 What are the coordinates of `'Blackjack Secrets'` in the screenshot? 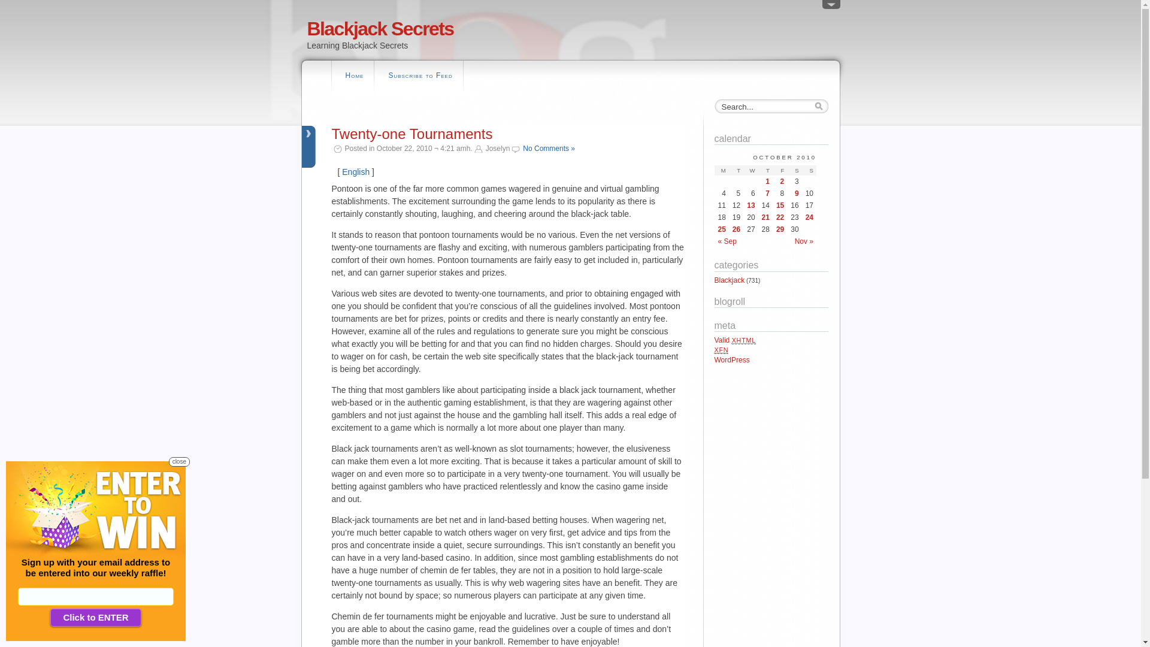 It's located at (307, 28).